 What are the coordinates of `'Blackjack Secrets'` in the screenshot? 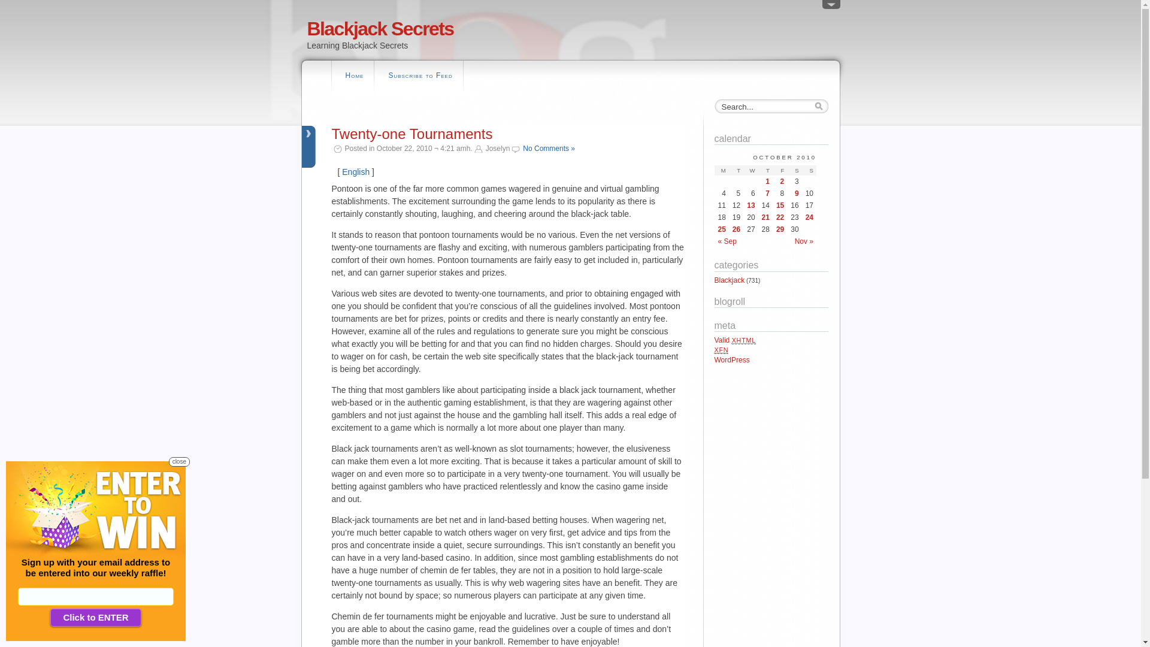 It's located at (307, 28).